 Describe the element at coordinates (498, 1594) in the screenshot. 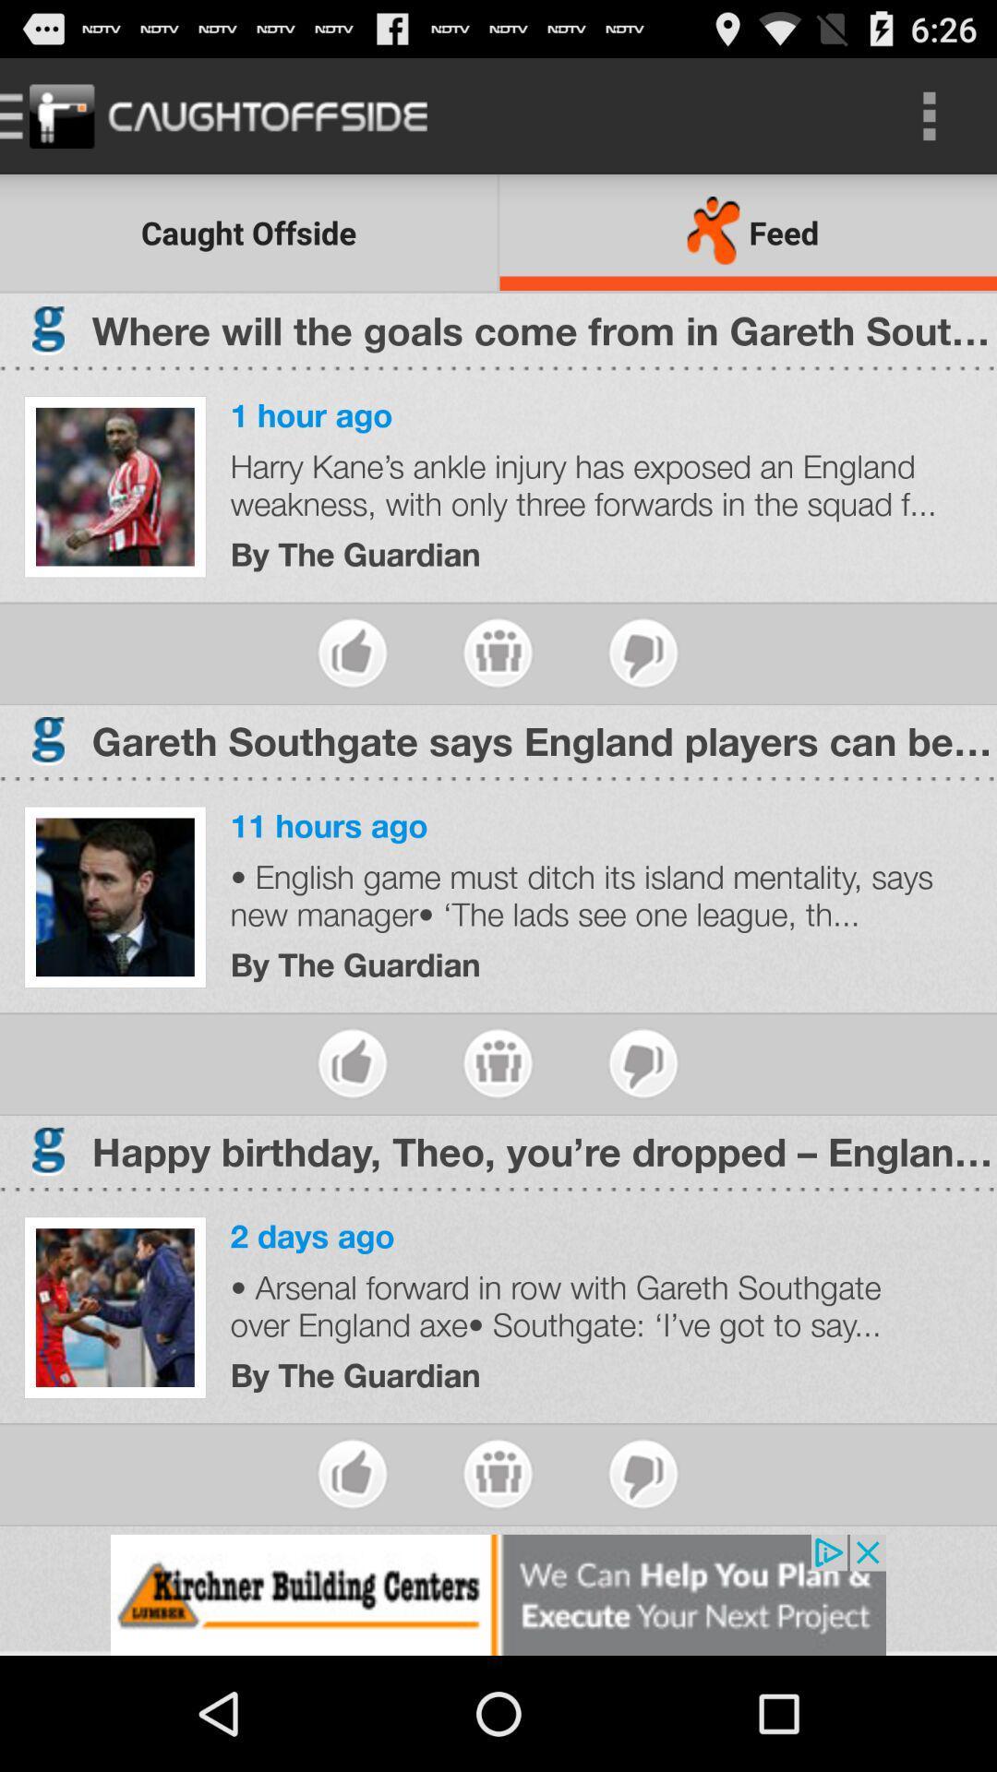

I see `open advertisement` at that location.